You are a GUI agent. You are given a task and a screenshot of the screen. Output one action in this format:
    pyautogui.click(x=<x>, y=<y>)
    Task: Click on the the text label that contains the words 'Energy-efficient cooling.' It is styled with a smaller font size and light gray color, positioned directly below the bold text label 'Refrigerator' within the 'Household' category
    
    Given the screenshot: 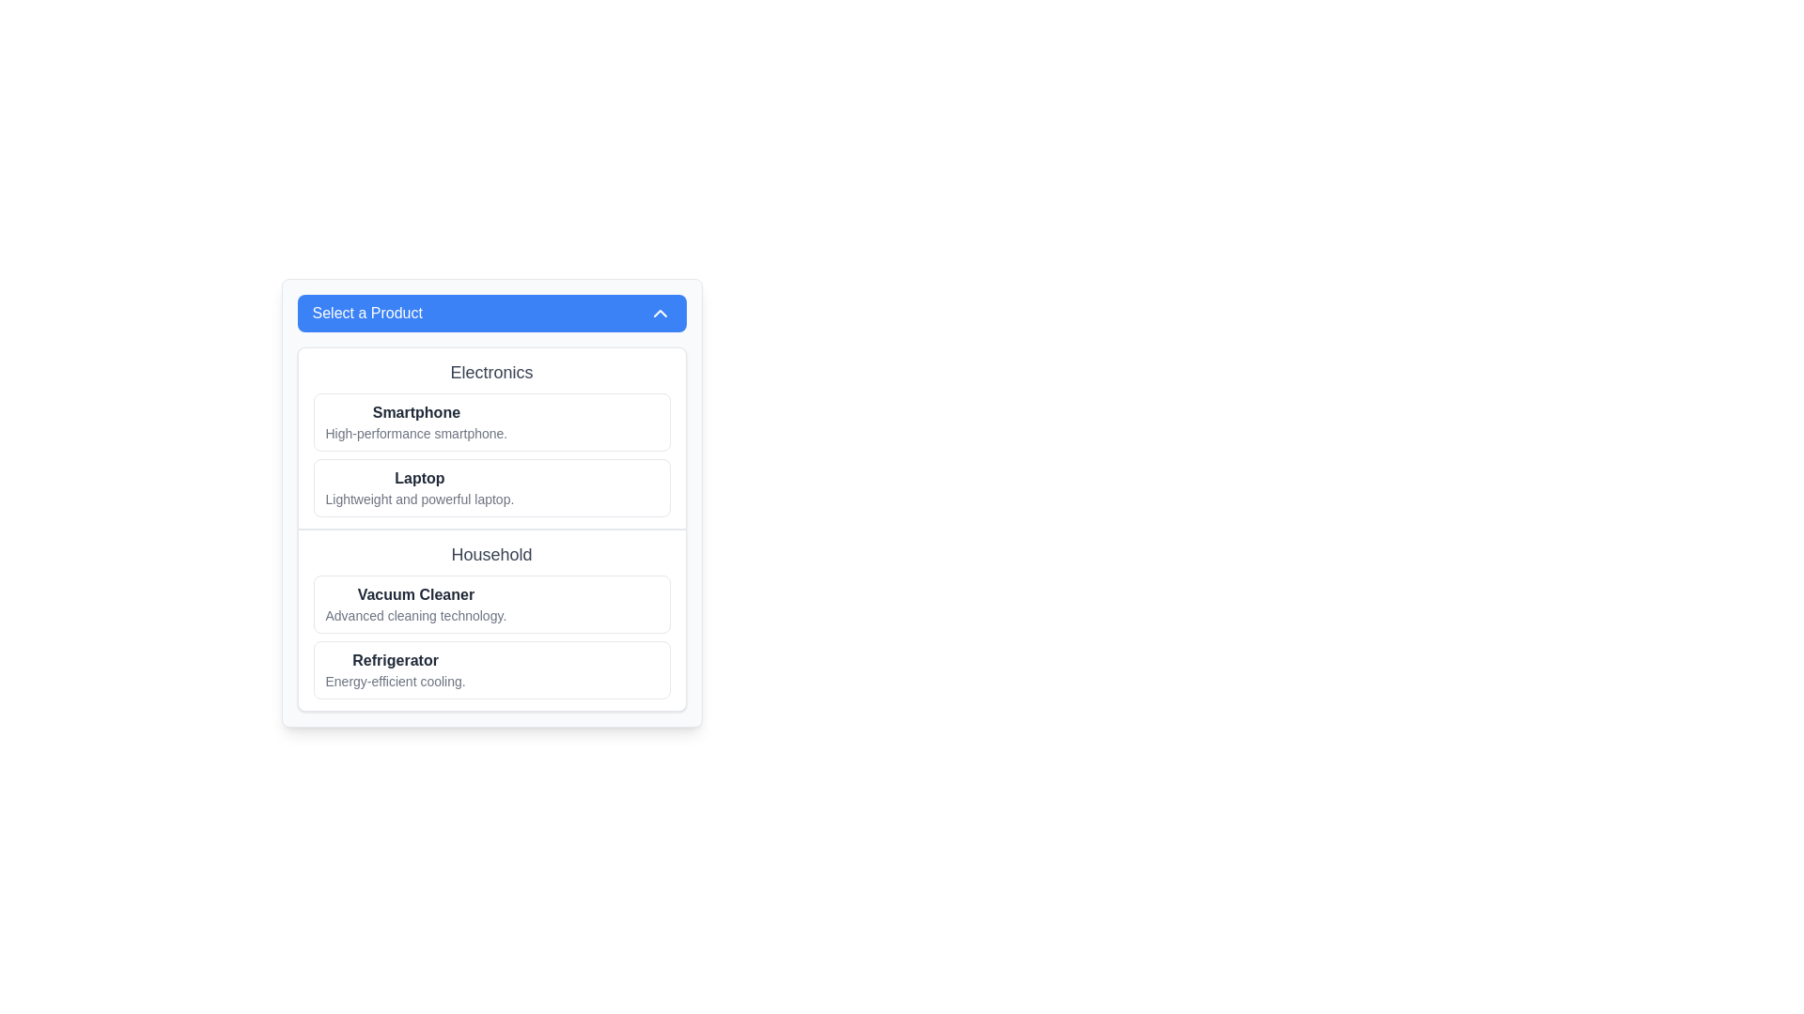 What is the action you would take?
    pyautogui.click(x=395, y=681)
    